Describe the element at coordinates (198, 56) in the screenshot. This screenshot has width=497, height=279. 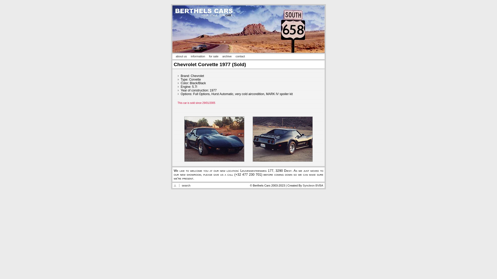
I see `'information'` at that location.